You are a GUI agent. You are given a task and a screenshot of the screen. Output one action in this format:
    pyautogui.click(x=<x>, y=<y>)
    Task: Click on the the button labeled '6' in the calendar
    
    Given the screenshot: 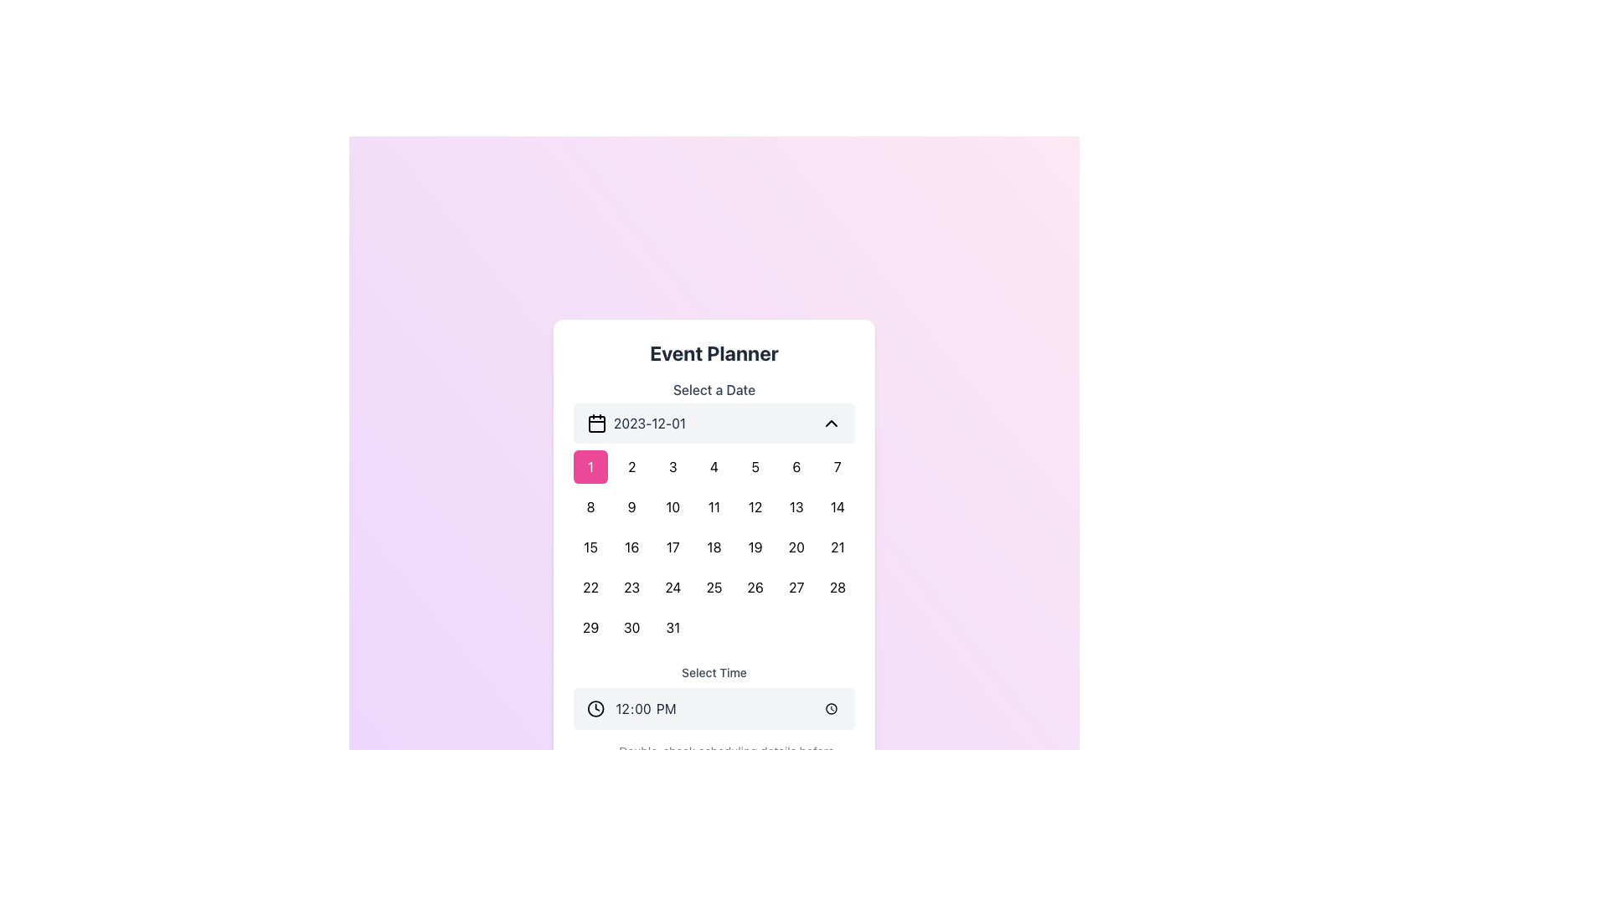 What is the action you would take?
    pyautogui.click(x=796, y=467)
    